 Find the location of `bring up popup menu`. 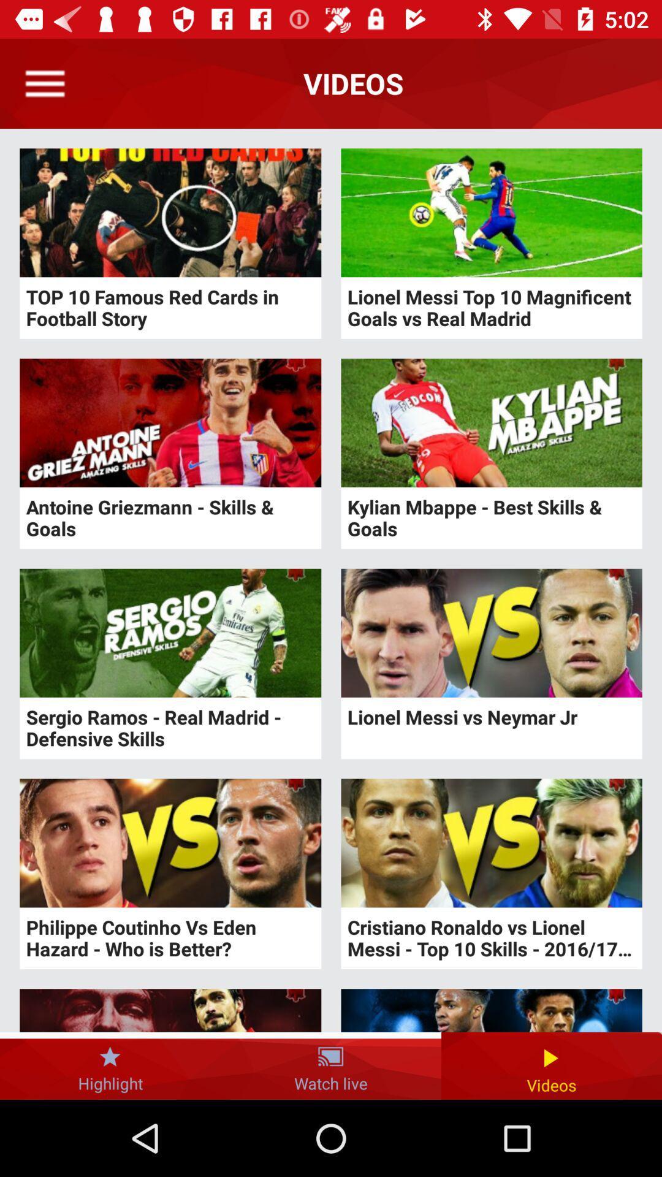

bring up popup menu is located at coordinates (44, 83).